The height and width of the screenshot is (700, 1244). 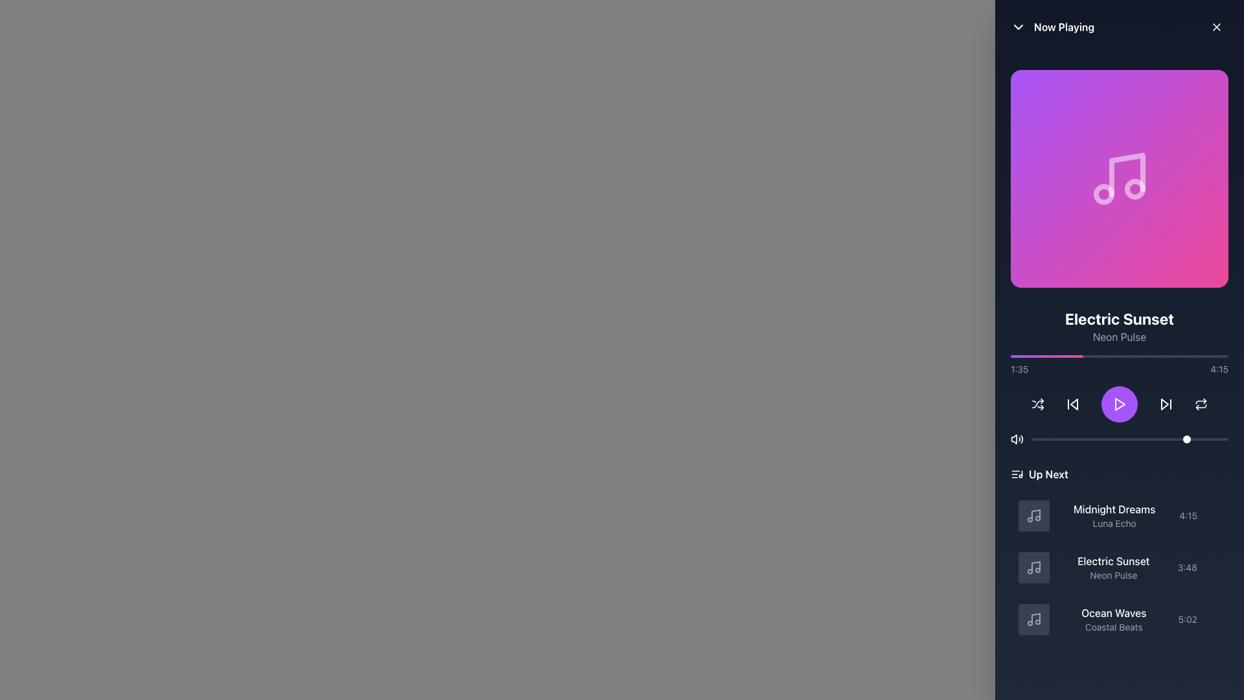 What do you see at coordinates (1047, 356) in the screenshot?
I see `the Progress indicator segment, which is a horizontal bar with a gradient background transitioning from purple to pink, located near the top of the 'Now Playing' interface` at bounding box center [1047, 356].